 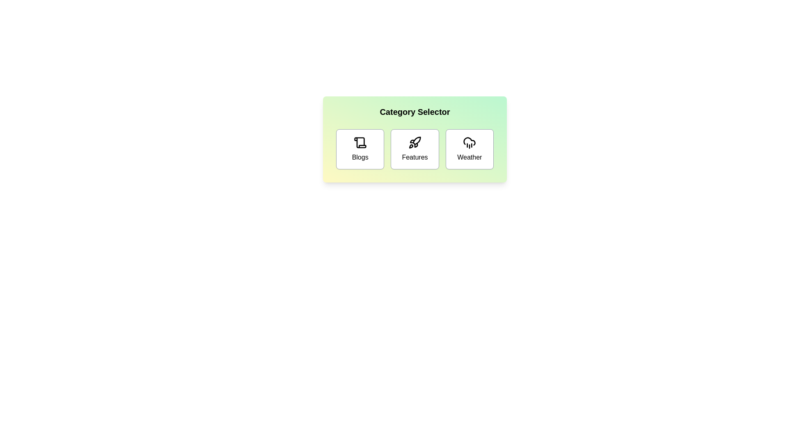 I want to click on the category button labeled 'Features' to view its hover effects, so click(x=415, y=149).